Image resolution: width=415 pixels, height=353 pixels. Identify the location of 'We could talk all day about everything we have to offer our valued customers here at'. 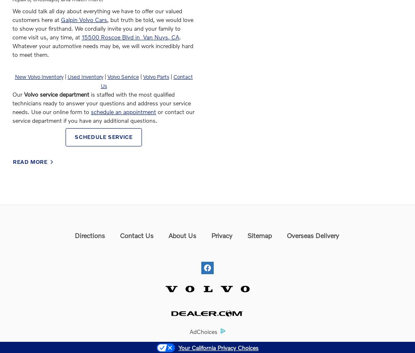
(97, 15).